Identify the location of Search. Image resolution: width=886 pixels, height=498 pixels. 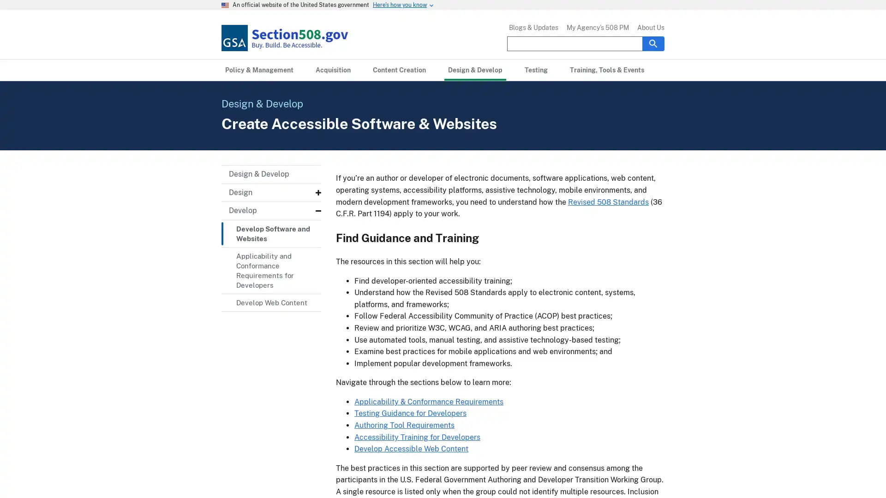
(653, 43).